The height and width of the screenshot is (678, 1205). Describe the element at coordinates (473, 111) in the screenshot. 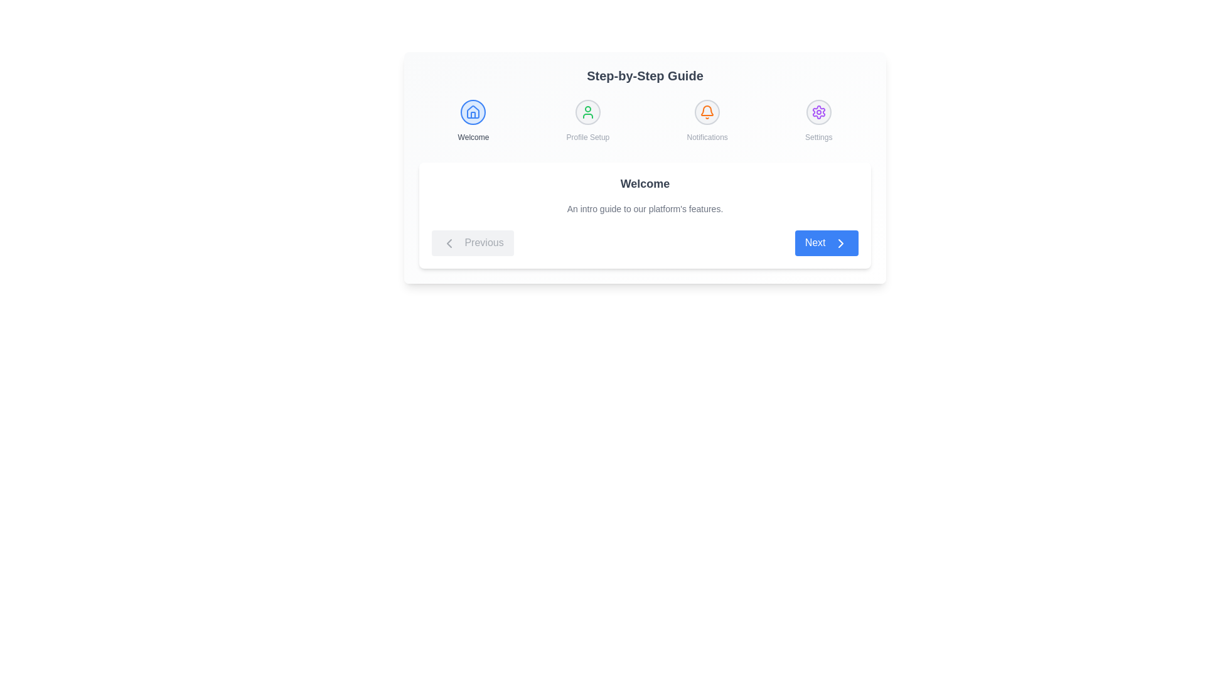

I see `the house icon in the navigational header` at that location.